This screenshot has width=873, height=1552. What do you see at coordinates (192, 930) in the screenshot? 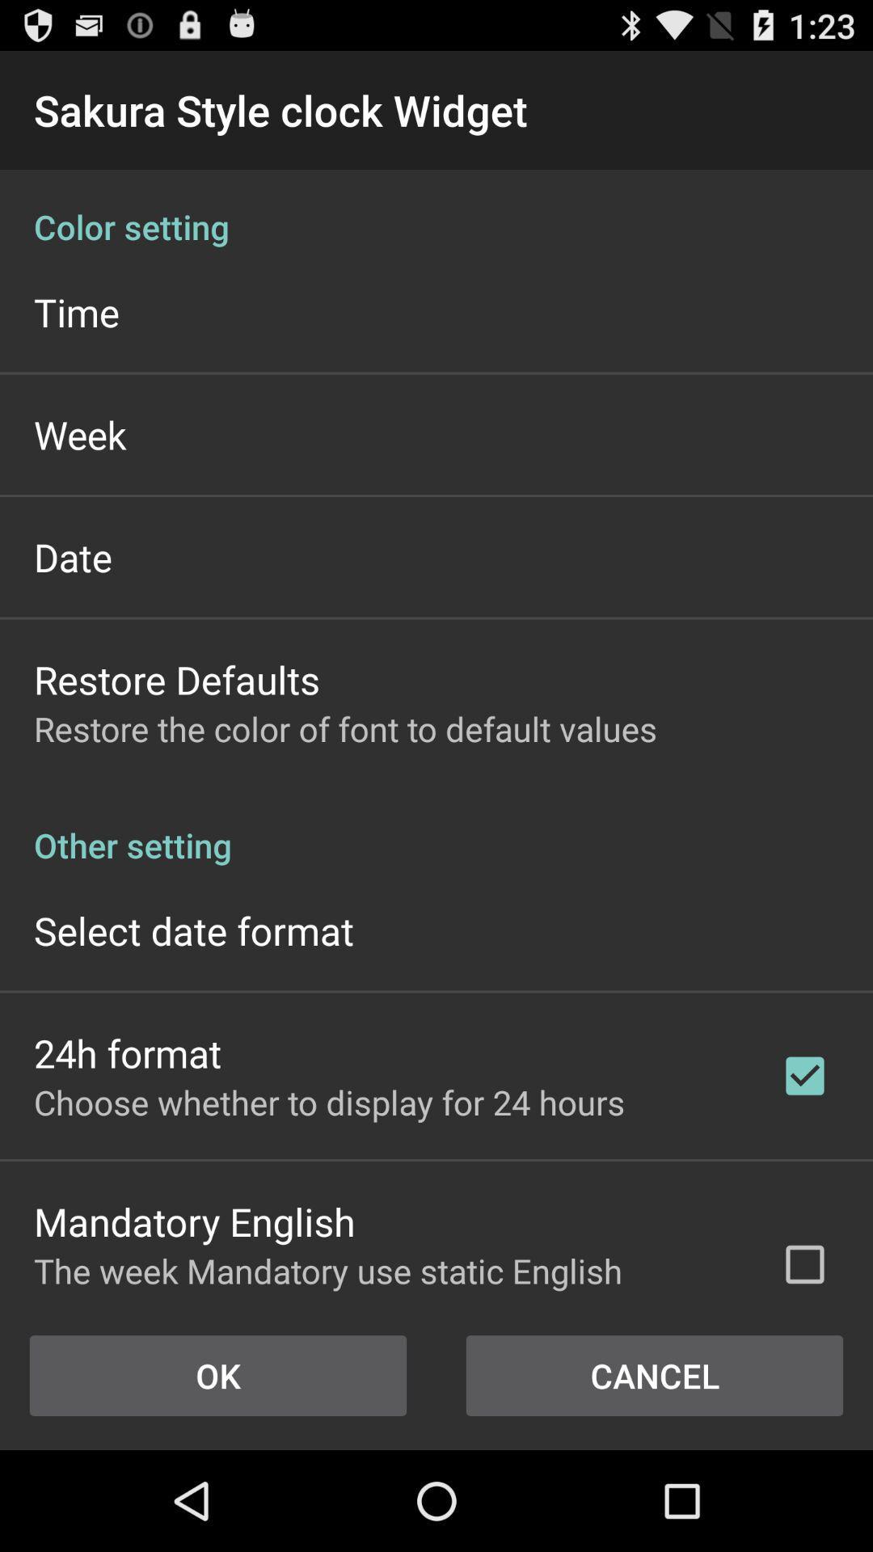
I see `icon above 24h format` at bounding box center [192, 930].